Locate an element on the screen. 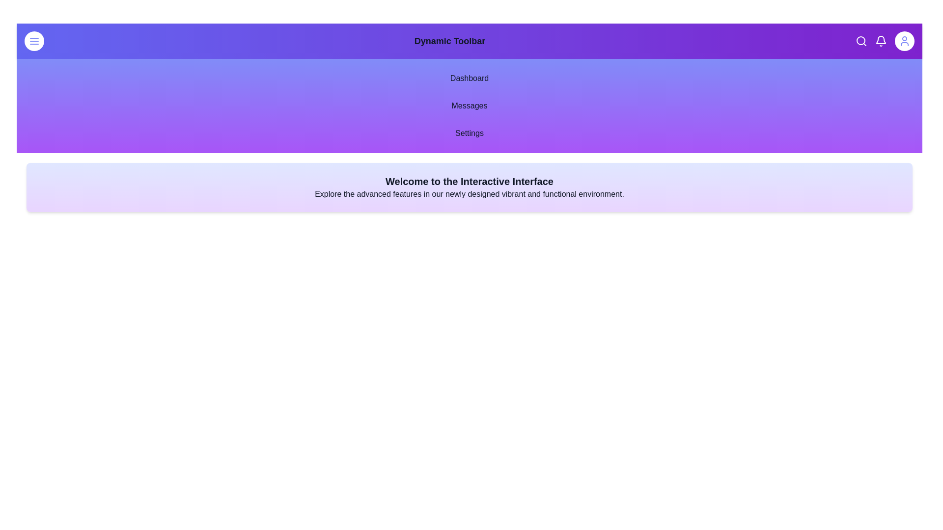  the user icon to toggle the theme between light and dark is located at coordinates (904, 41).